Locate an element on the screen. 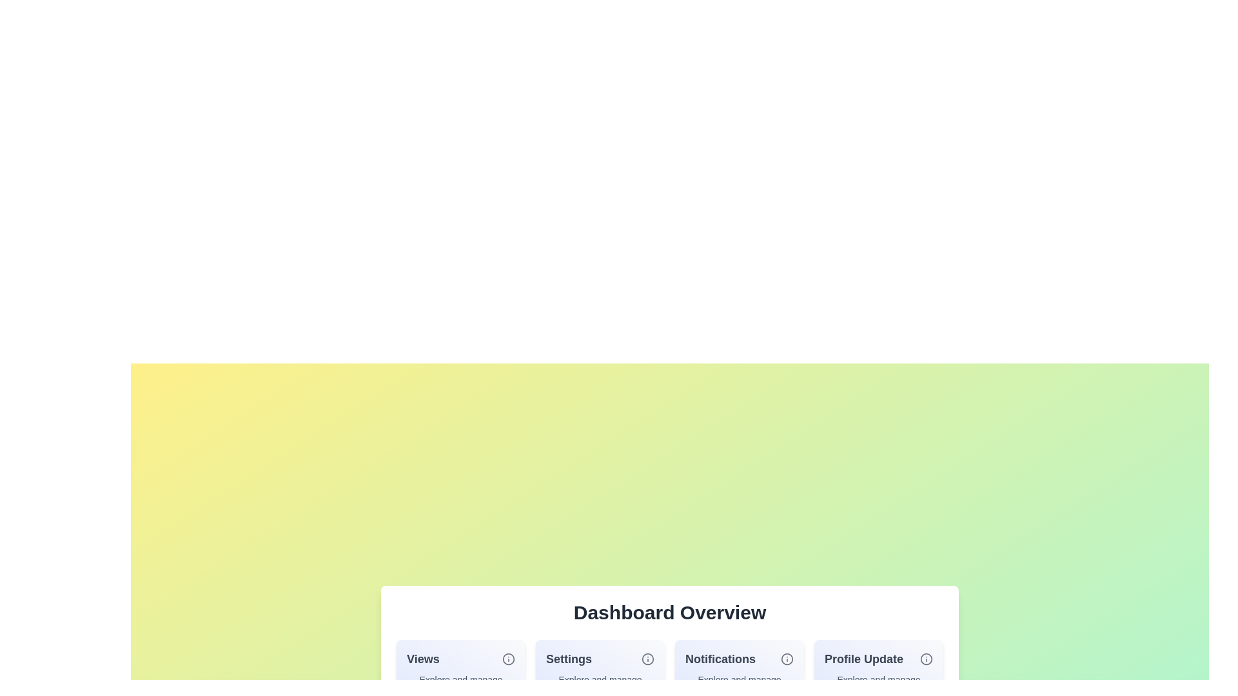 The image size is (1238, 696). the circular notification indicator within the notifications icon located in the third card under the 'Dashboard Overview' heading is located at coordinates (786, 659).